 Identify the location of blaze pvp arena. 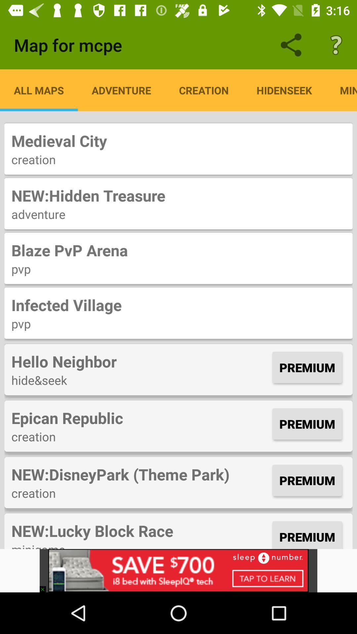
(178, 250).